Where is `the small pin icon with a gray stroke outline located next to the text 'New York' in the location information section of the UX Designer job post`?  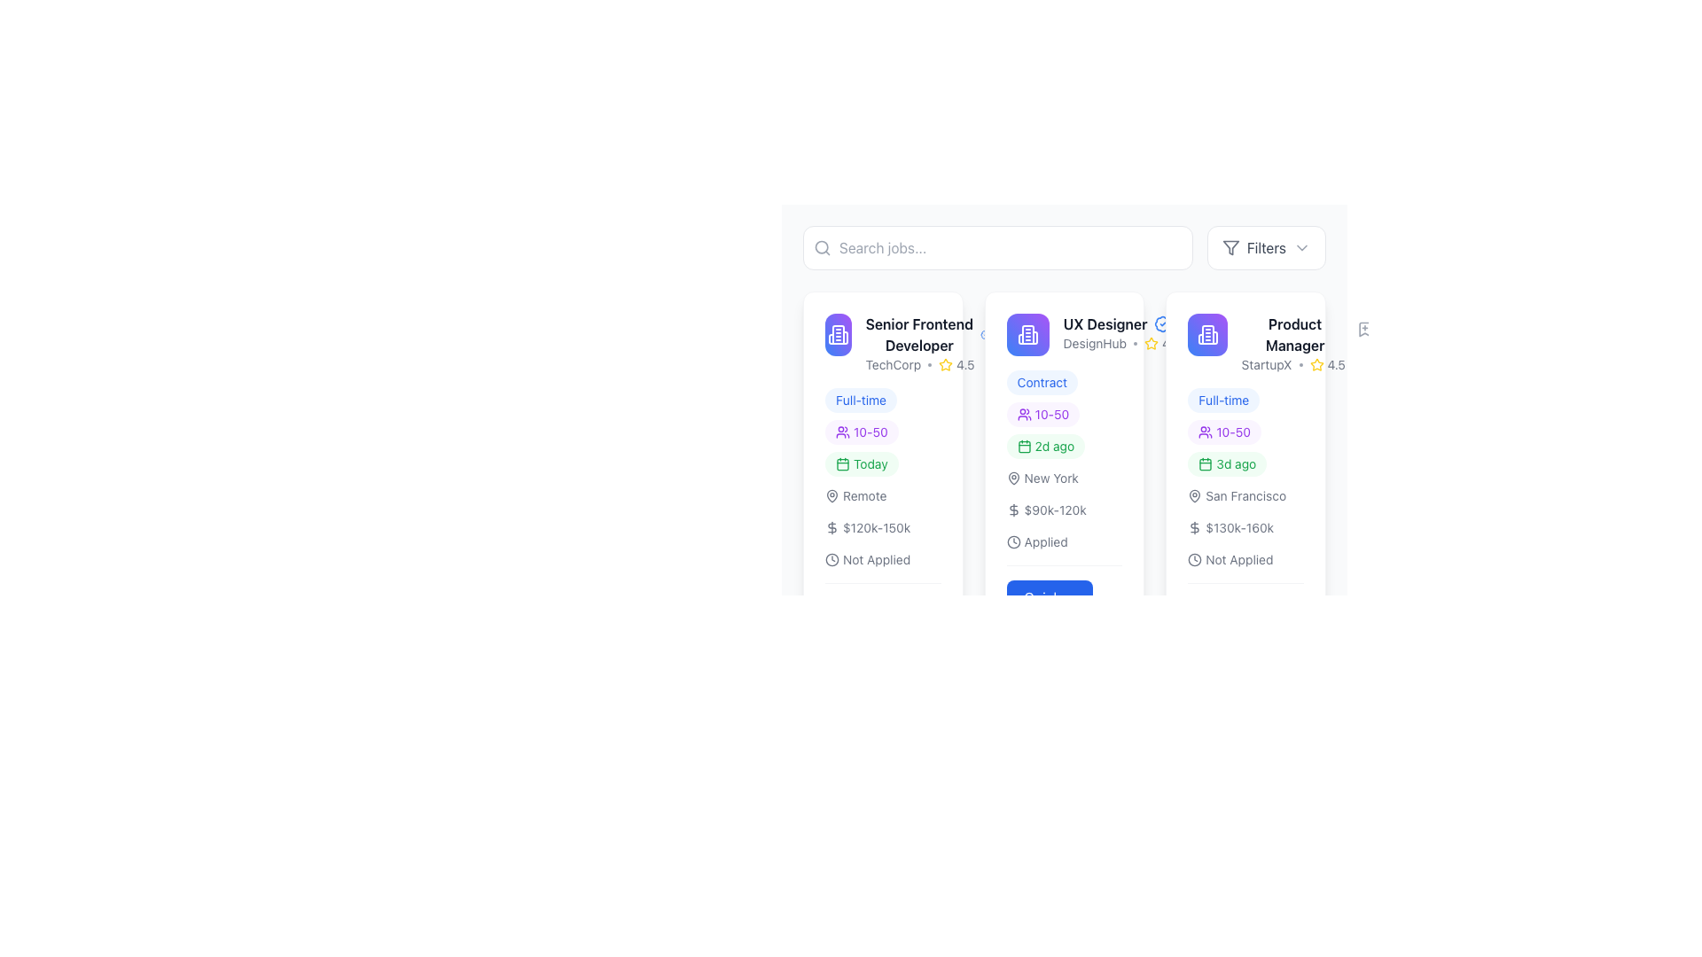 the small pin icon with a gray stroke outline located next to the text 'New York' in the location information section of the UX Designer job post is located at coordinates (1013, 478).